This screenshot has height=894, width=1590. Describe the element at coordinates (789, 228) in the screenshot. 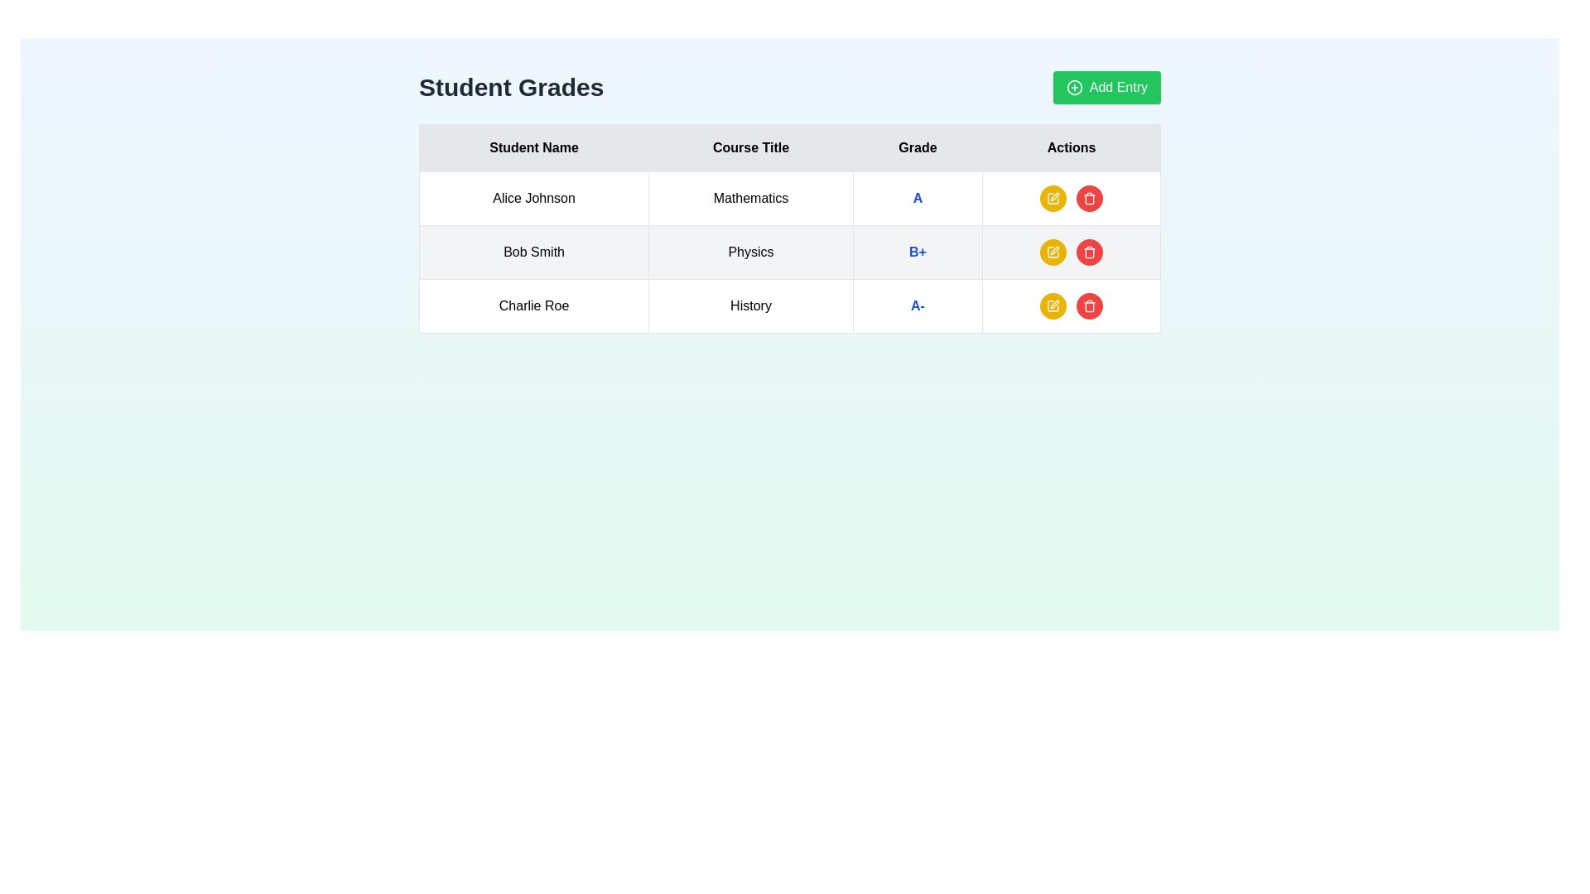

I see `any row of the 'Student Grades' table for potential interactions` at that location.